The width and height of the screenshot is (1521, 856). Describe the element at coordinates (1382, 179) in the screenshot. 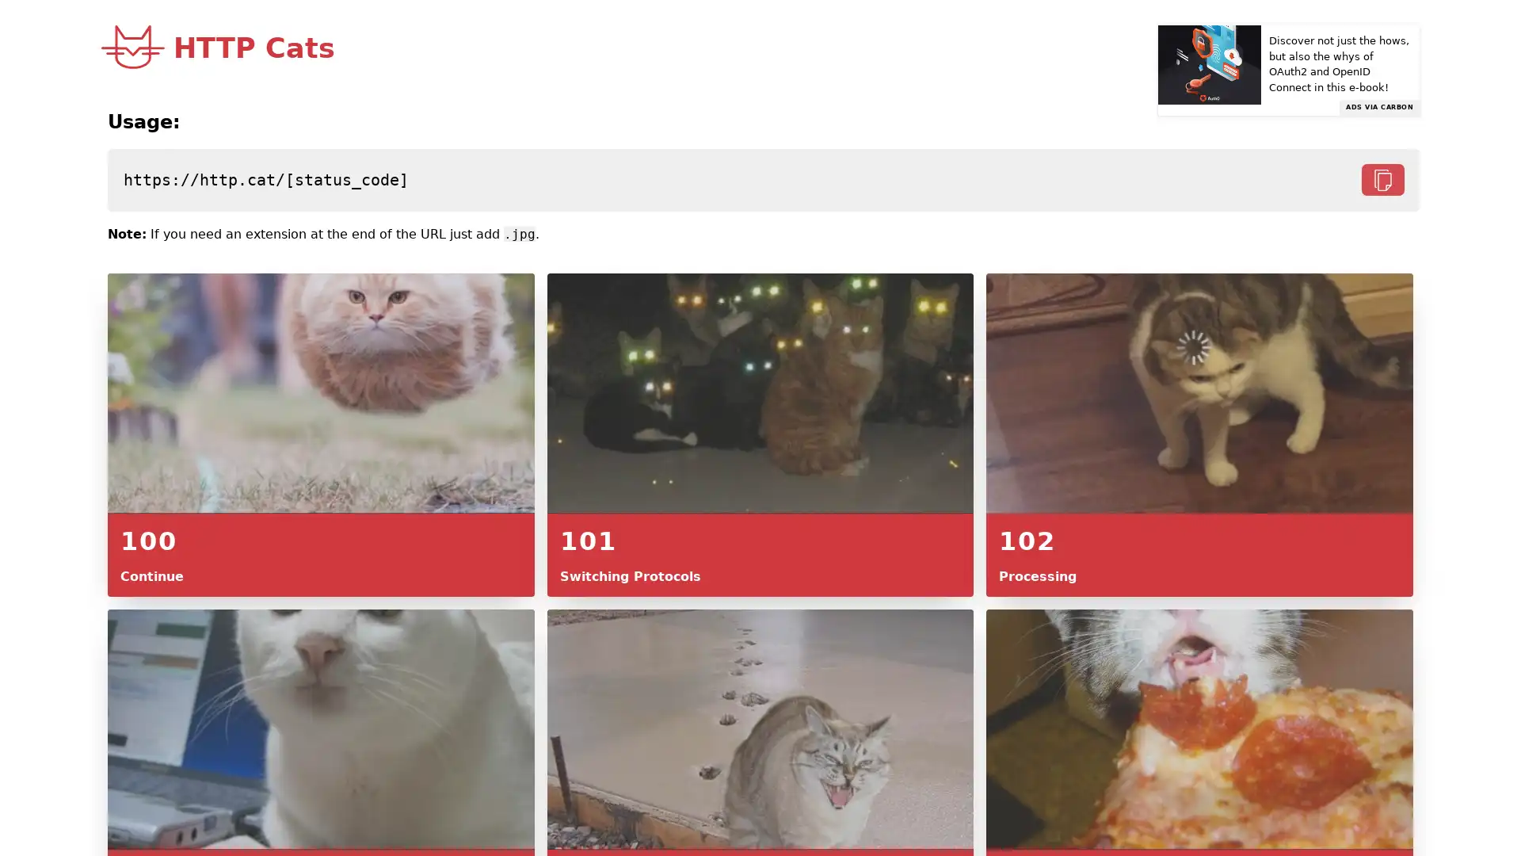

I see `Icon that represent the clipboard action` at that location.